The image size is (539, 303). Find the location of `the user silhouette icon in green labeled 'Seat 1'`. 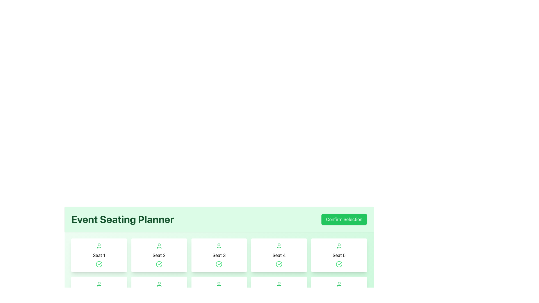

the user silhouette icon in green labeled 'Seat 1' is located at coordinates (99, 246).